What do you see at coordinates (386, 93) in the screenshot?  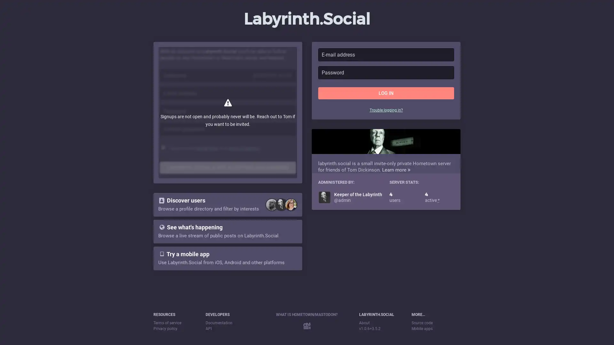 I see `LOG IN` at bounding box center [386, 93].